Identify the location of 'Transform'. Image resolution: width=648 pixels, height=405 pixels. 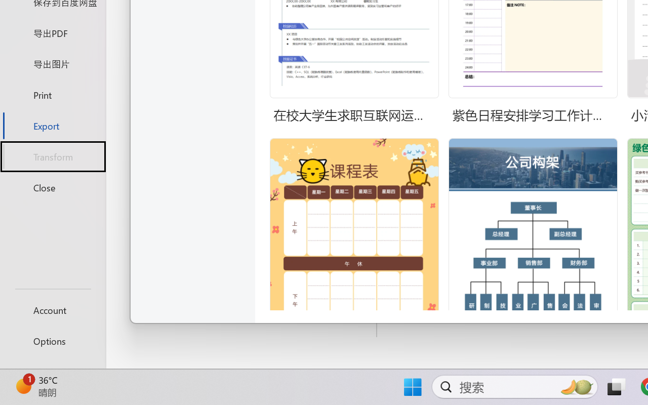
(52, 156).